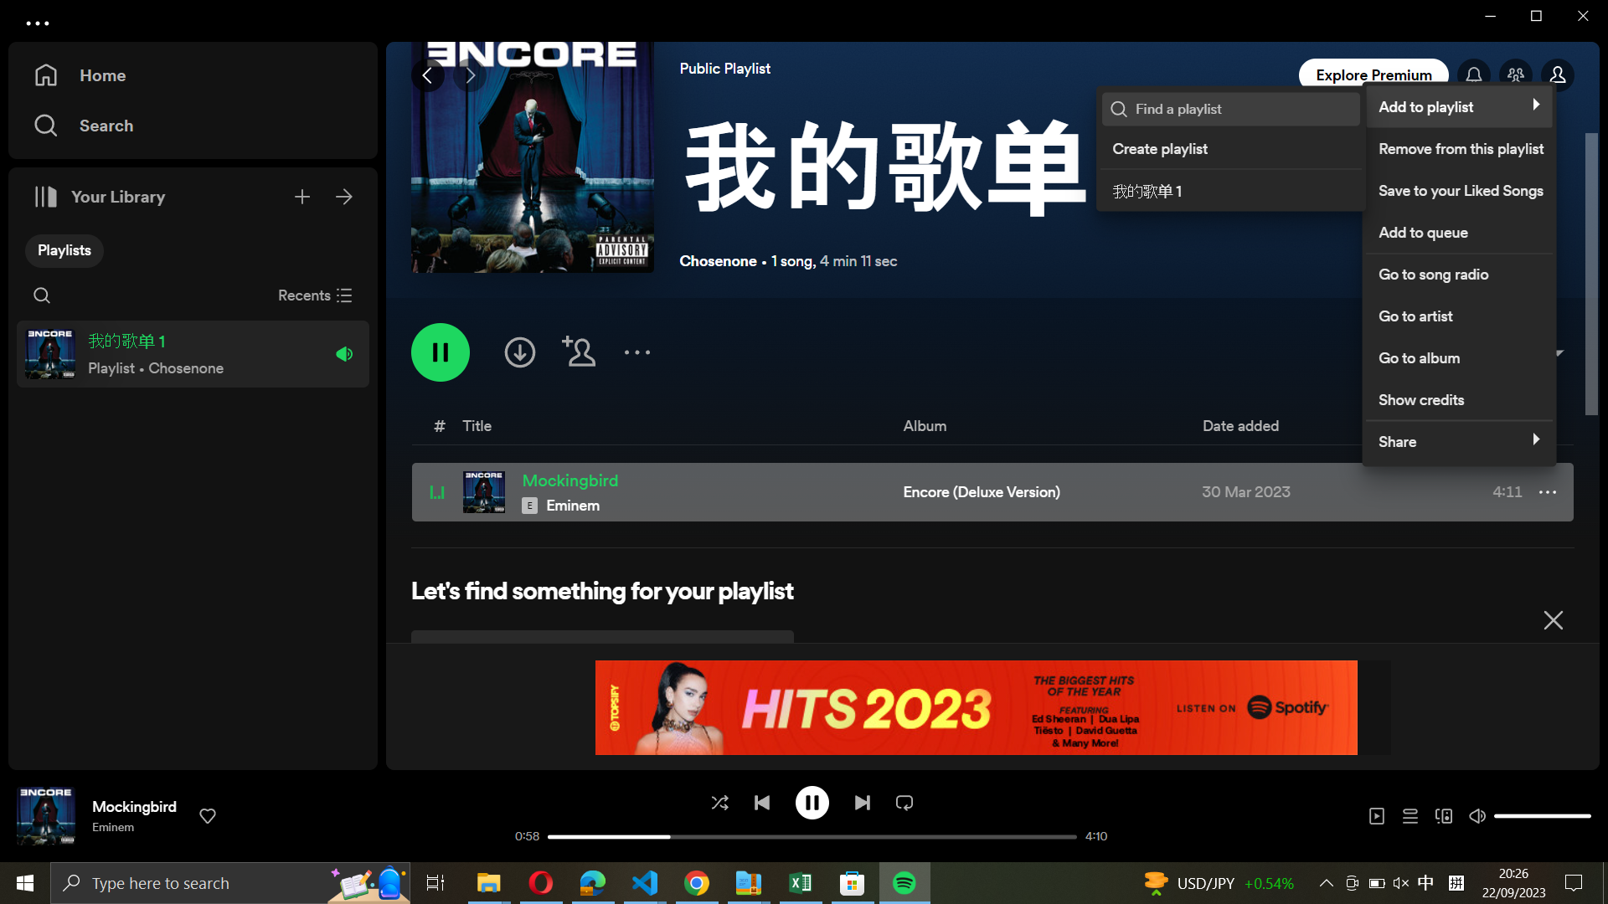  Describe the element at coordinates (1455, 353) in the screenshot. I see `Go to the album` at that location.